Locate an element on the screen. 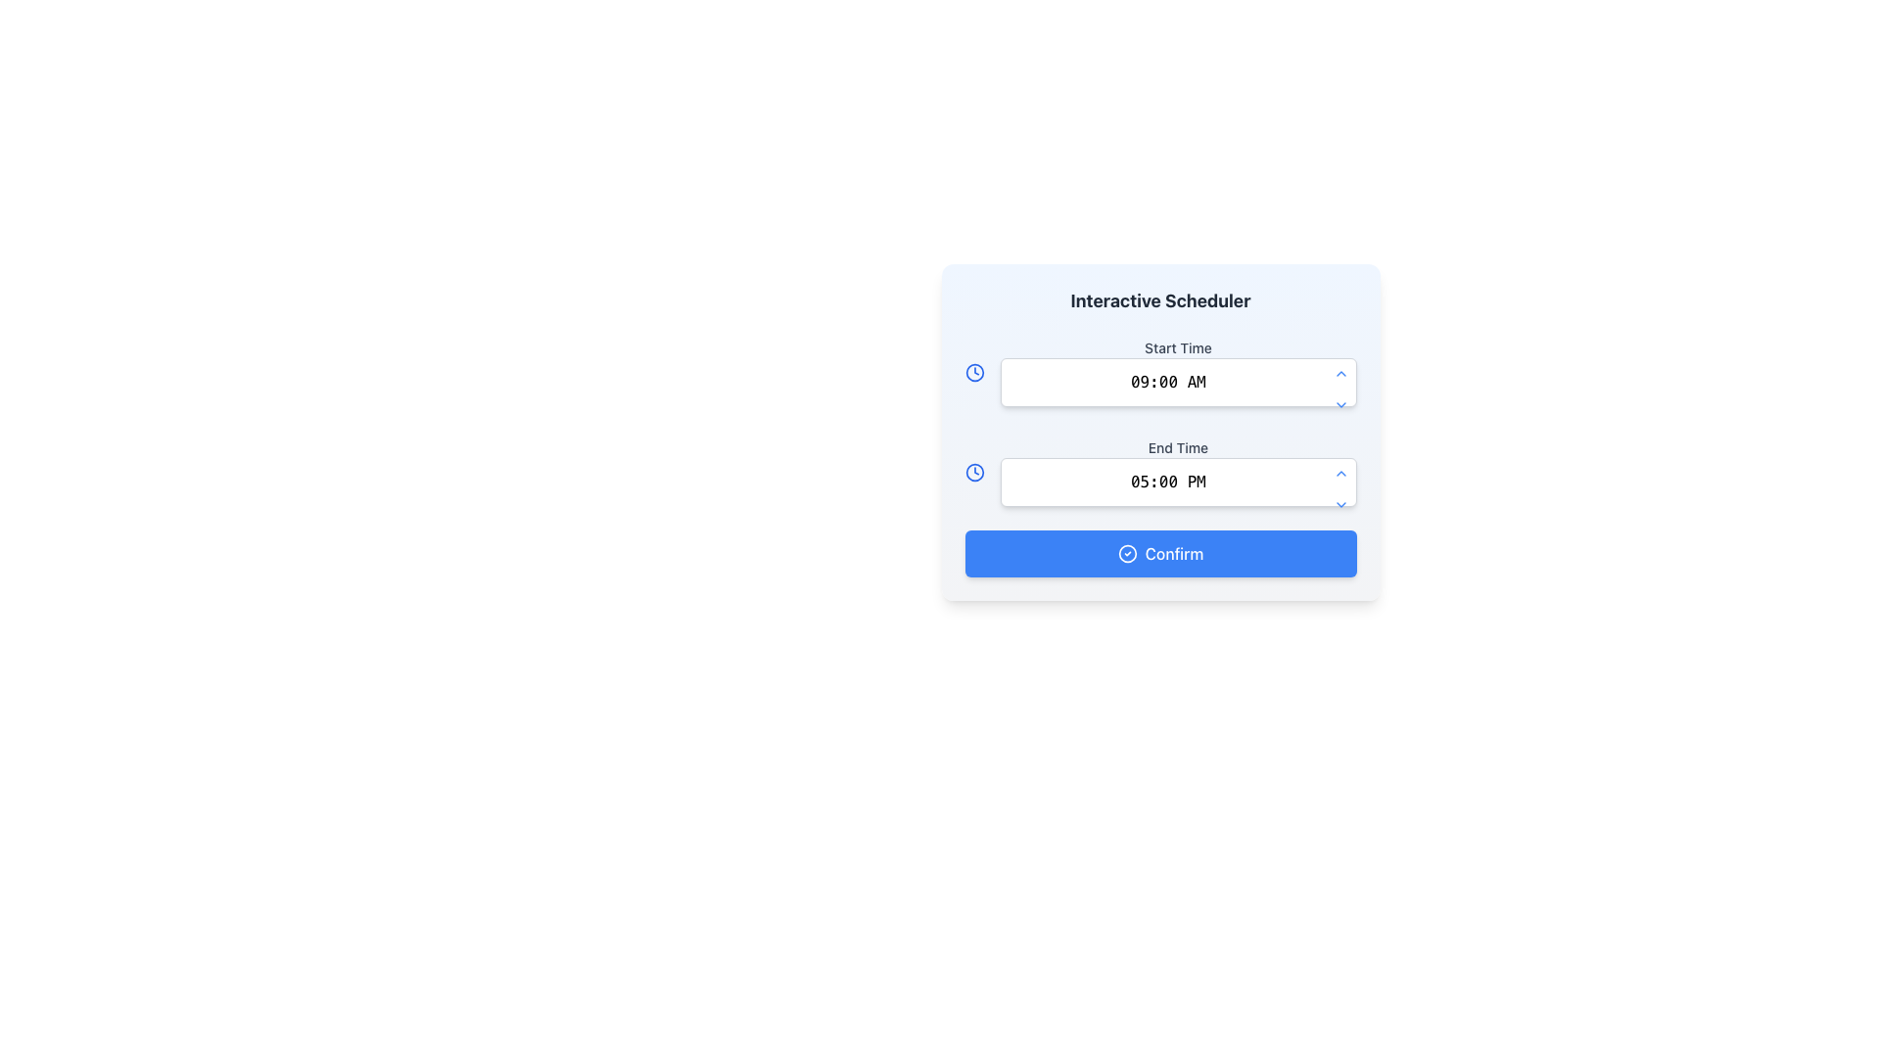 This screenshot has width=1880, height=1057. the small blue upward arrow button located in the upper right of the interface, associated with the 'Start Time' input field, to increase the time is located at coordinates (1339, 373).